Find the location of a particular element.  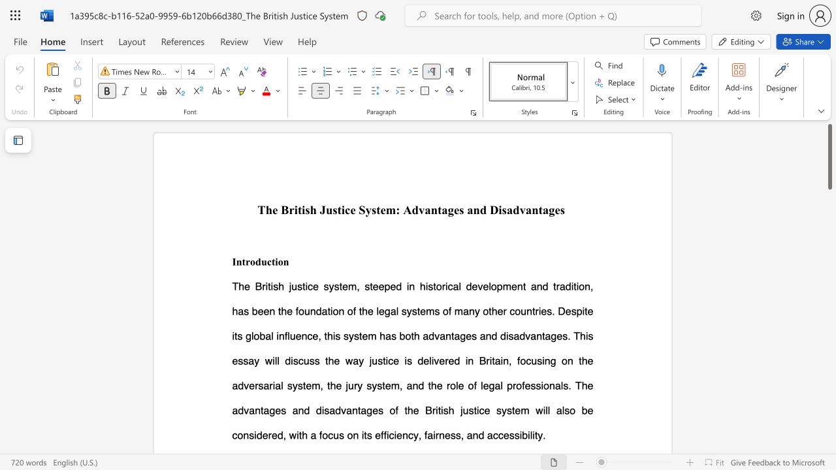

the scrollbar on the right is located at coordinates (829, 345).